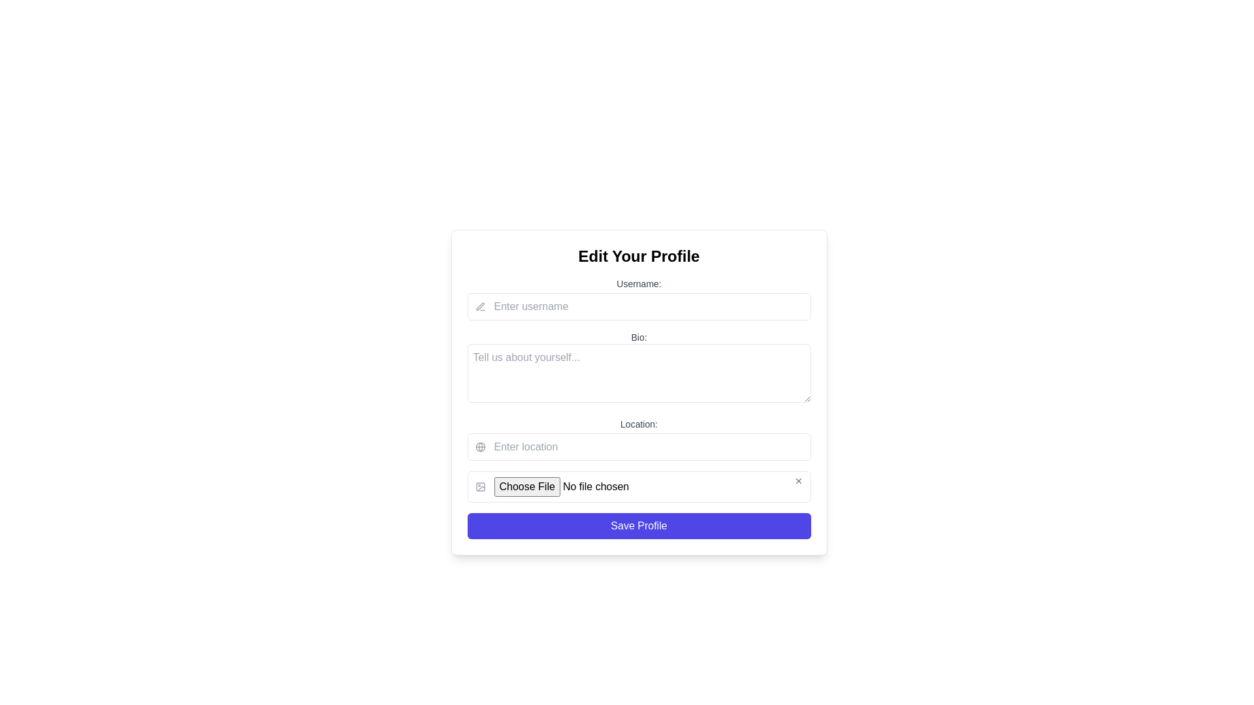 This screenshot has height=705, width=1254. What do you see at coordinates (639, 525) in the screenshot?
I see `the 'Save Profile' button, which is a rectangular button with a blue background and white text, located at the bottom of the form` at bounding box center [639, 525].